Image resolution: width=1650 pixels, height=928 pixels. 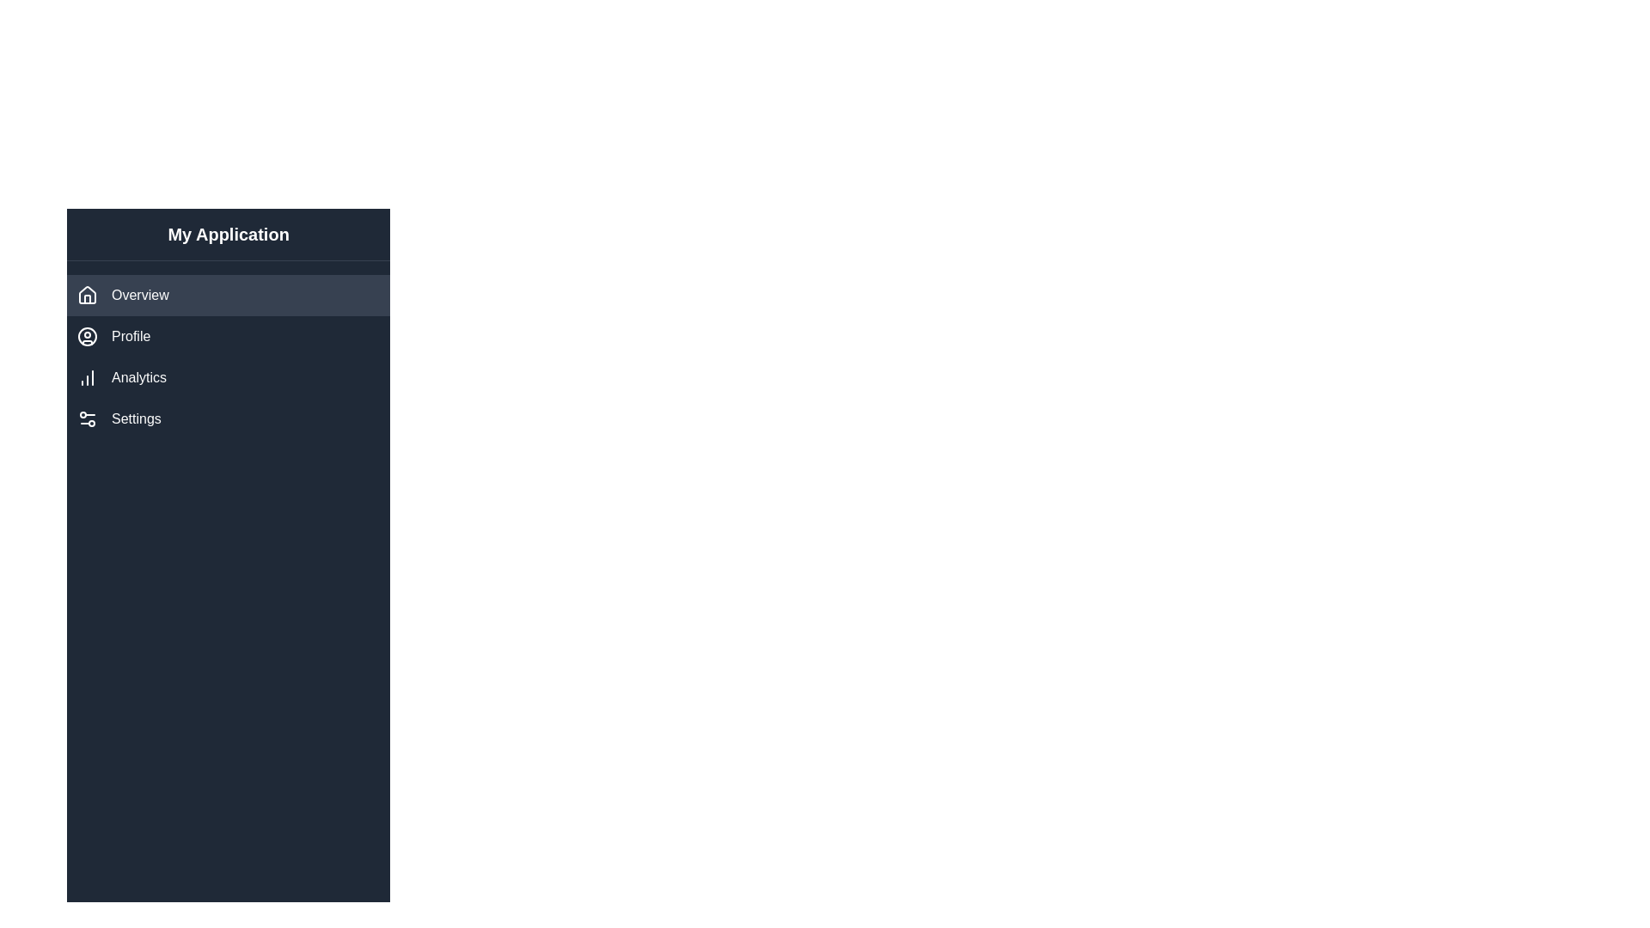 What do you see at coordinates (86, 337) in the screenshot?
I see `the largest circle in the user profile icon located in the sidebar, which is the outermost circle of the graphical representation supporting the 'Profile' menu item` at bounding box center [86, 337].